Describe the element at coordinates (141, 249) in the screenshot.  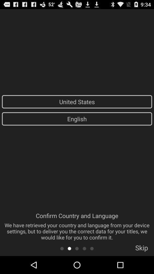
I see `skip` at that location.